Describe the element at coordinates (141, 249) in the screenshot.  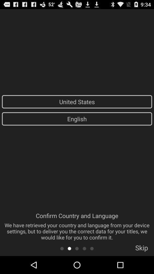
I see `skip` at that location.